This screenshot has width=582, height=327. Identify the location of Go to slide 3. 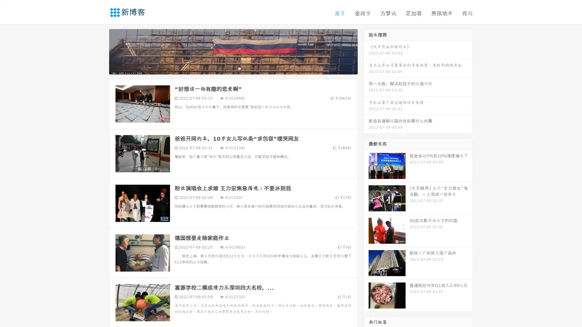
(239, 68).